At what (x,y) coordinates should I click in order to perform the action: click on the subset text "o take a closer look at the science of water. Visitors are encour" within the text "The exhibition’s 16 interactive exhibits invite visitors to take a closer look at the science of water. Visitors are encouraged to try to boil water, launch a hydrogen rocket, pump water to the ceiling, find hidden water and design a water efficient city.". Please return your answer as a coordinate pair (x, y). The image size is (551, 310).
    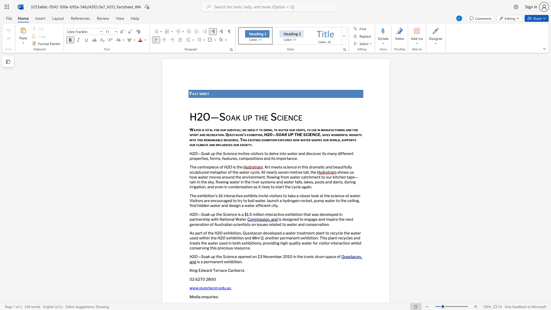
    Looking at the image, I should click on (284, 195).